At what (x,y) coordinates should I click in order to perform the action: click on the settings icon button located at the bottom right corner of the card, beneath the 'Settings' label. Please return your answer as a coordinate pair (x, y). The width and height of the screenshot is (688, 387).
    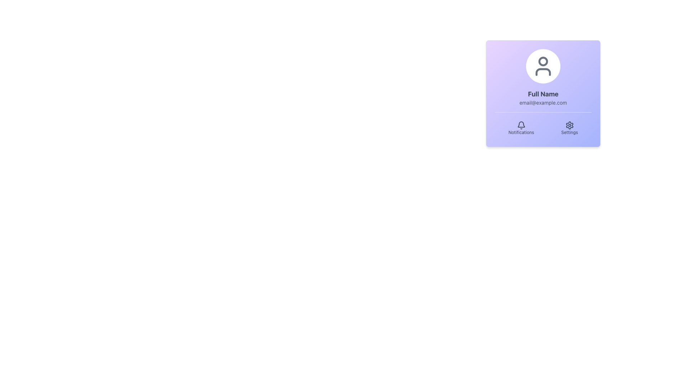
    Looking at the image, I should click on (569, 125).